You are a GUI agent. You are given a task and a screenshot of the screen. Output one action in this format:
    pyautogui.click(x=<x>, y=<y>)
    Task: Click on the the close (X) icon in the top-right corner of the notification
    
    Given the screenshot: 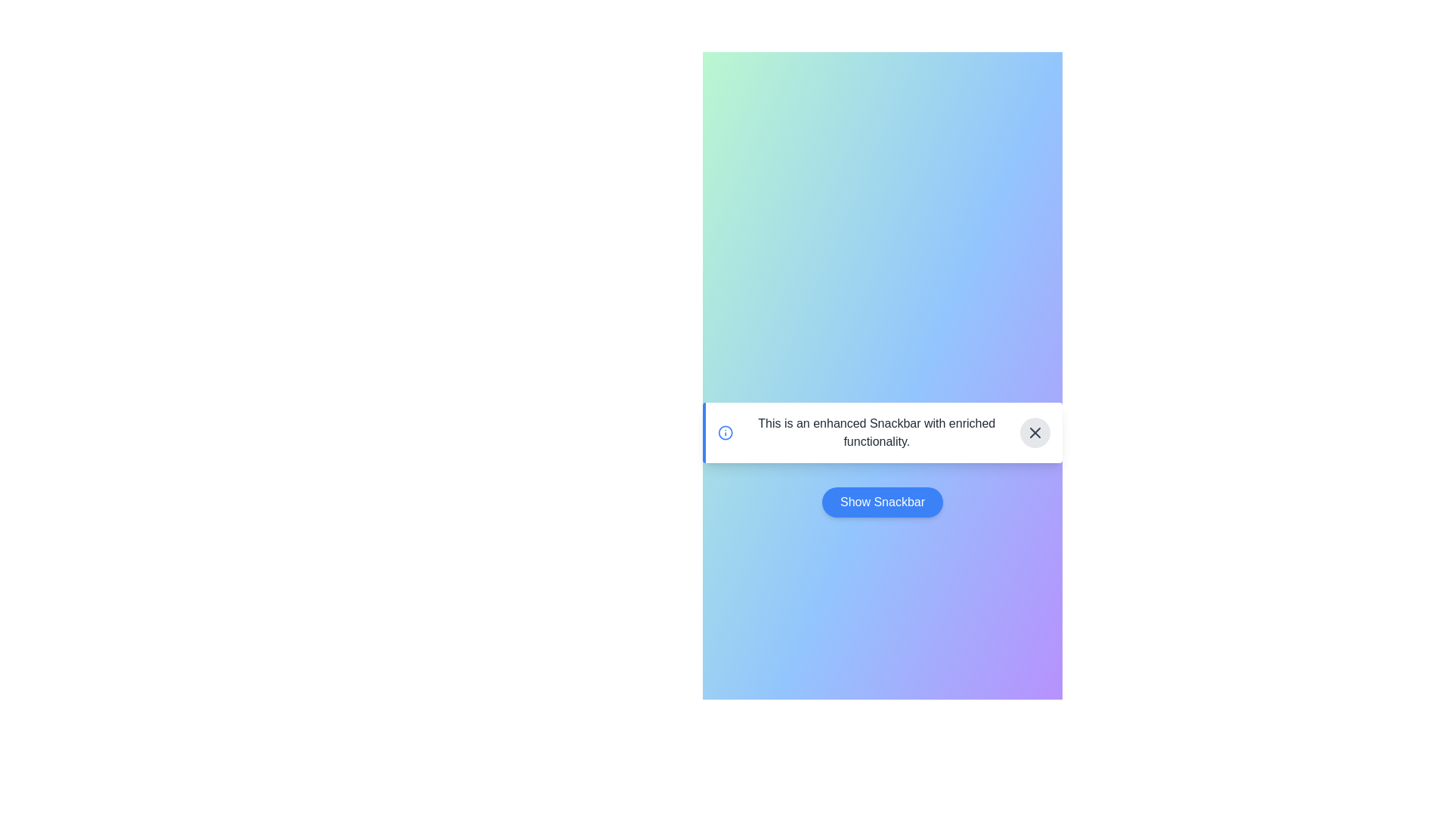 What is the action you would take?
    pyautogui.click(x=1034, y=433)
    